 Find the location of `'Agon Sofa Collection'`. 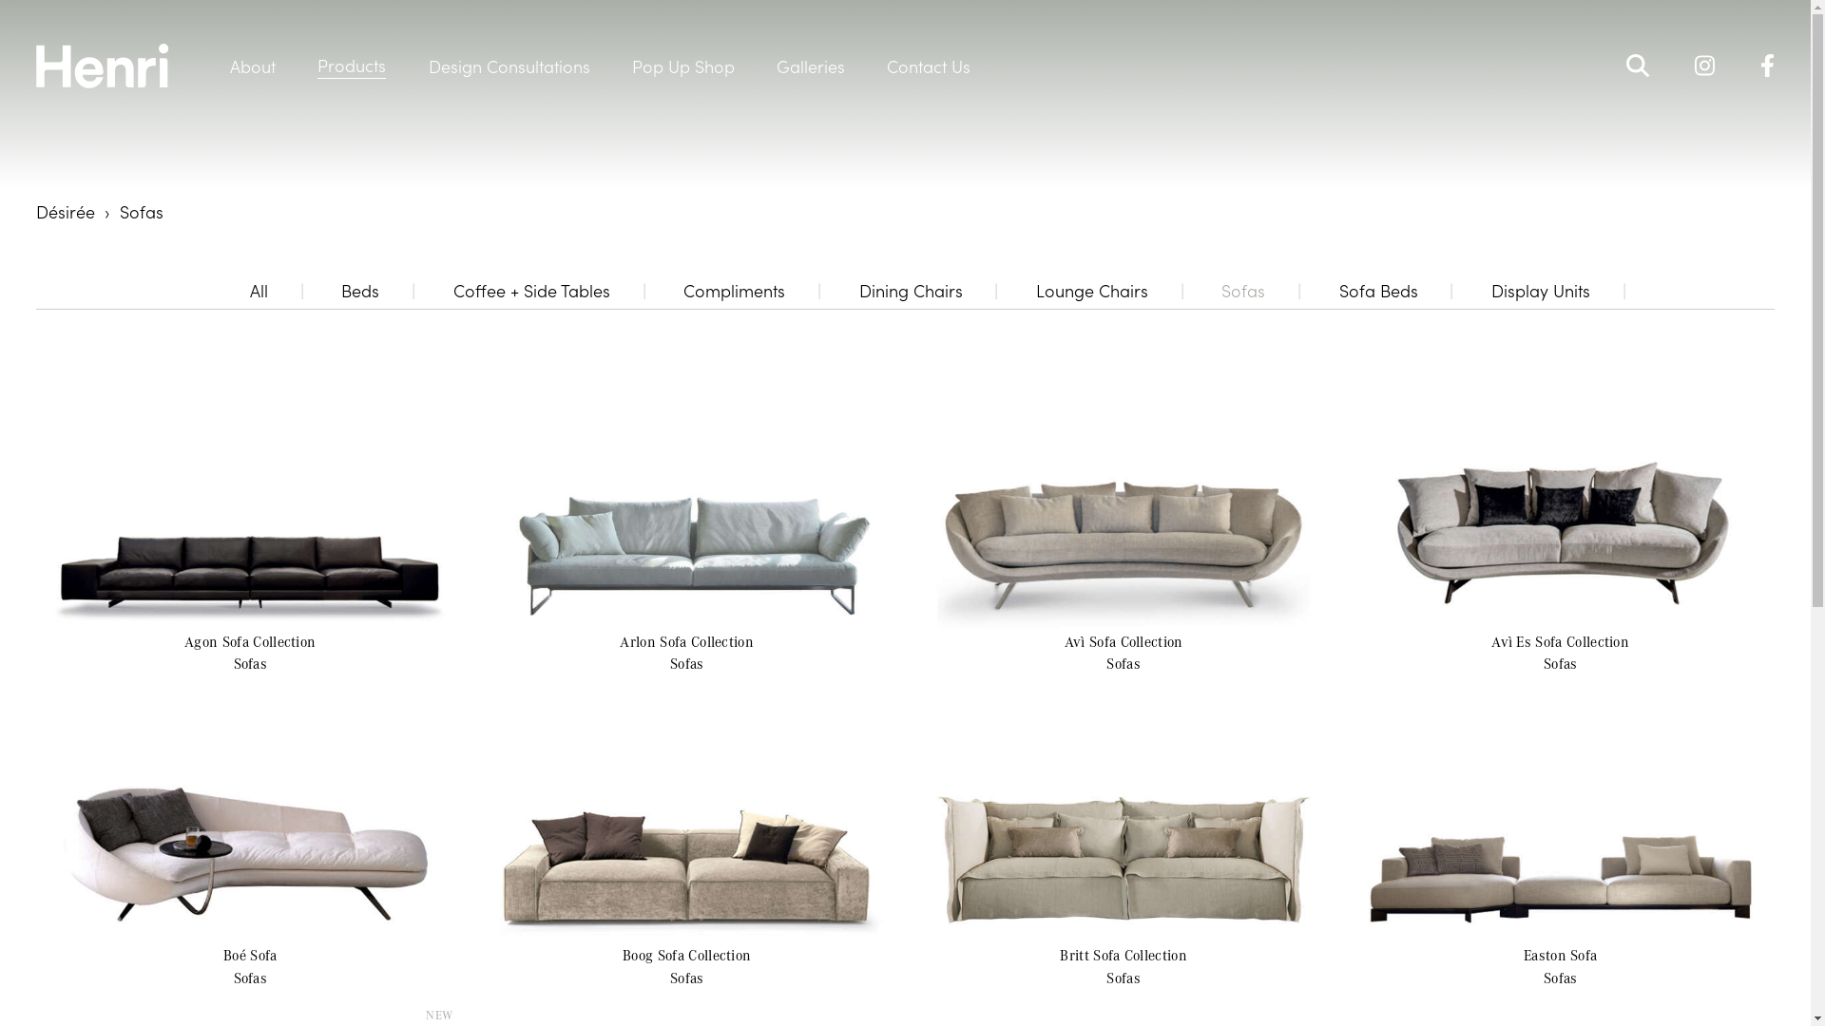

'Agon Sofa Collection' is located at coordinates (249, 641).